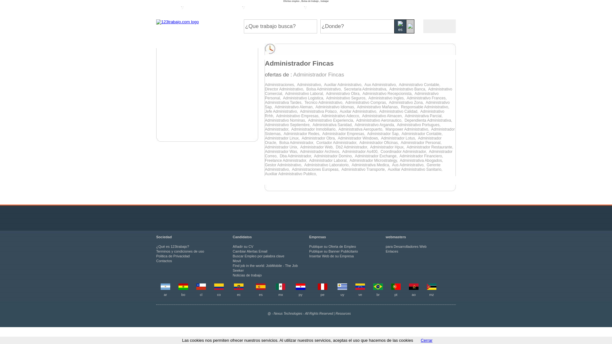  What do you see at coordinates (321, 116) in the screenshot?
I see `'Administrativo Adecco, '` at bounding box center [321, 116].